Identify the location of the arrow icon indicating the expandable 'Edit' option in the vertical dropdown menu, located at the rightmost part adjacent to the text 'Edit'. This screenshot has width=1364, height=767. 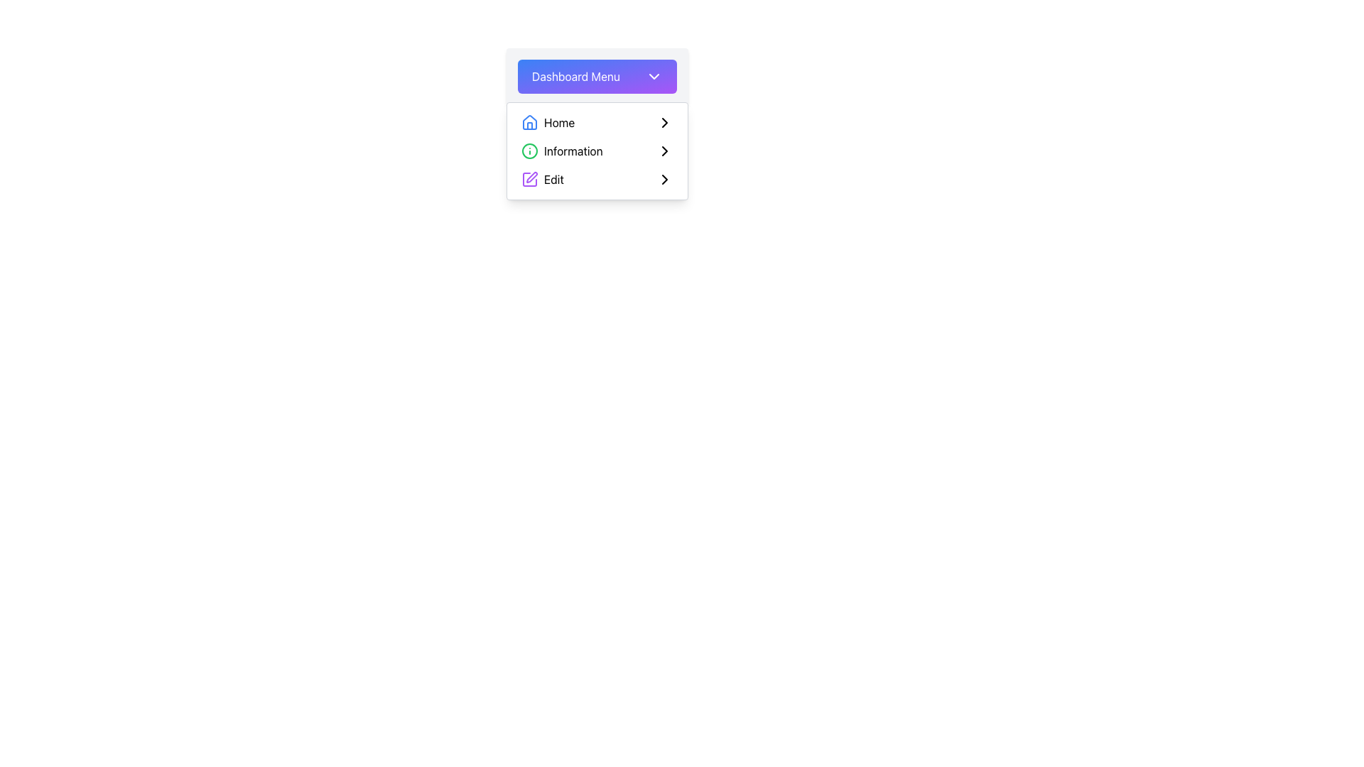
(664, 179).